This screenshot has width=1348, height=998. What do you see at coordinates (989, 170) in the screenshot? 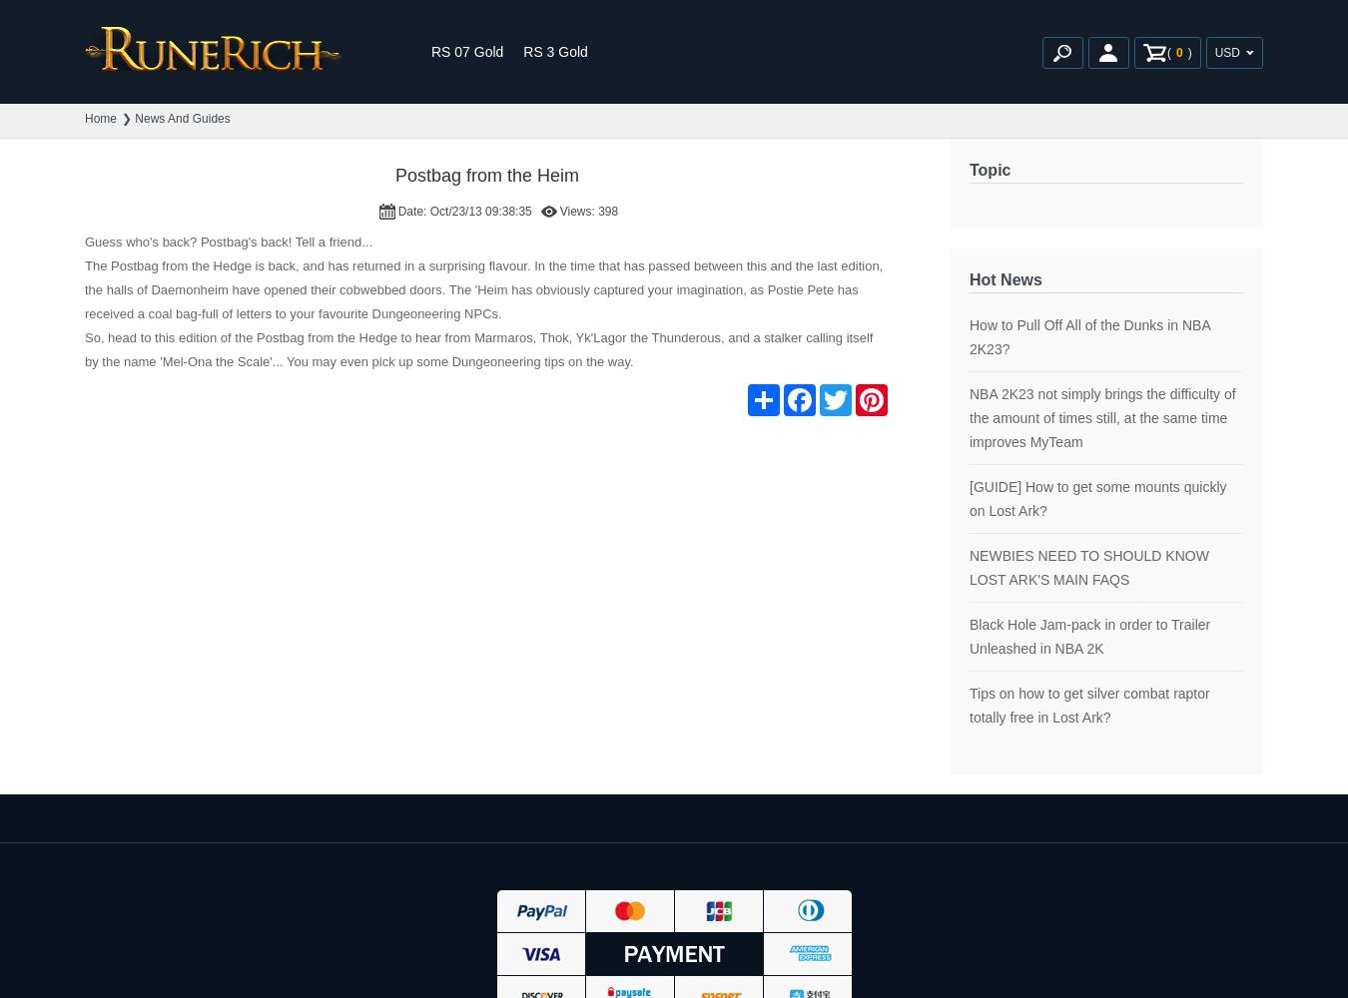
I see `'Topic'` at bounding box center [989, 170].